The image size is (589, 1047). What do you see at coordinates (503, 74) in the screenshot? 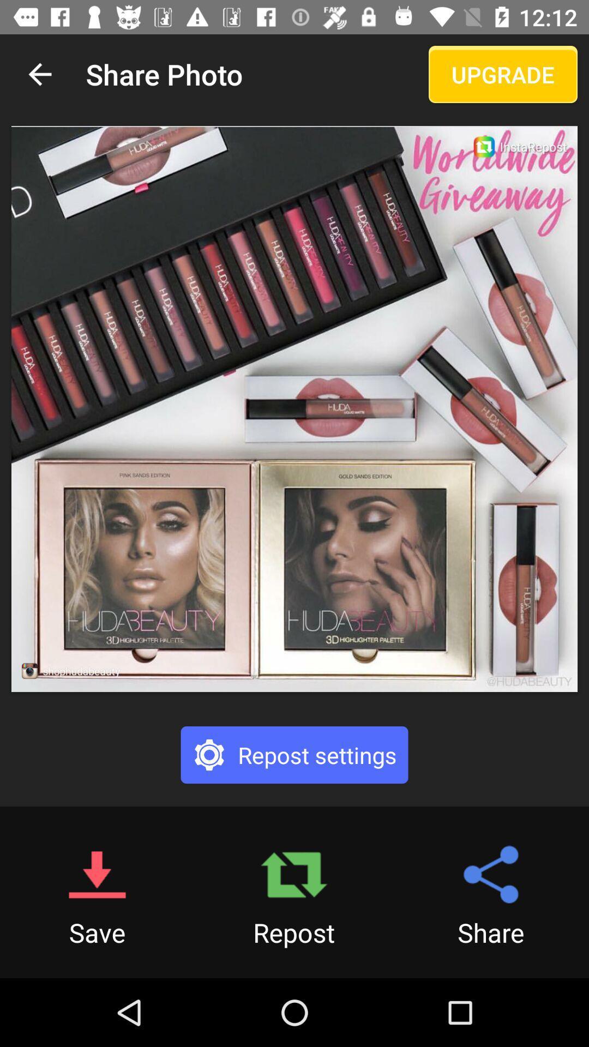
I see `icon next to the share photo item` at bounding box center [503, 74].